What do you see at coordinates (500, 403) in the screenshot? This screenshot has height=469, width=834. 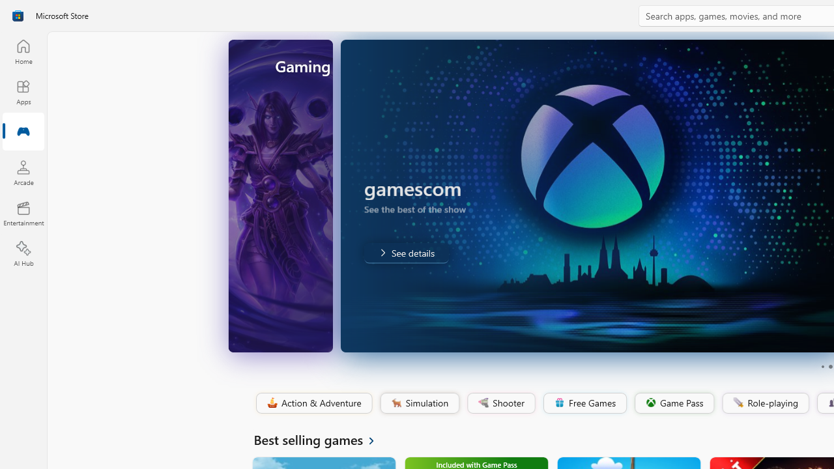 I see `'Shooter'` at bounding box center [500, 403].